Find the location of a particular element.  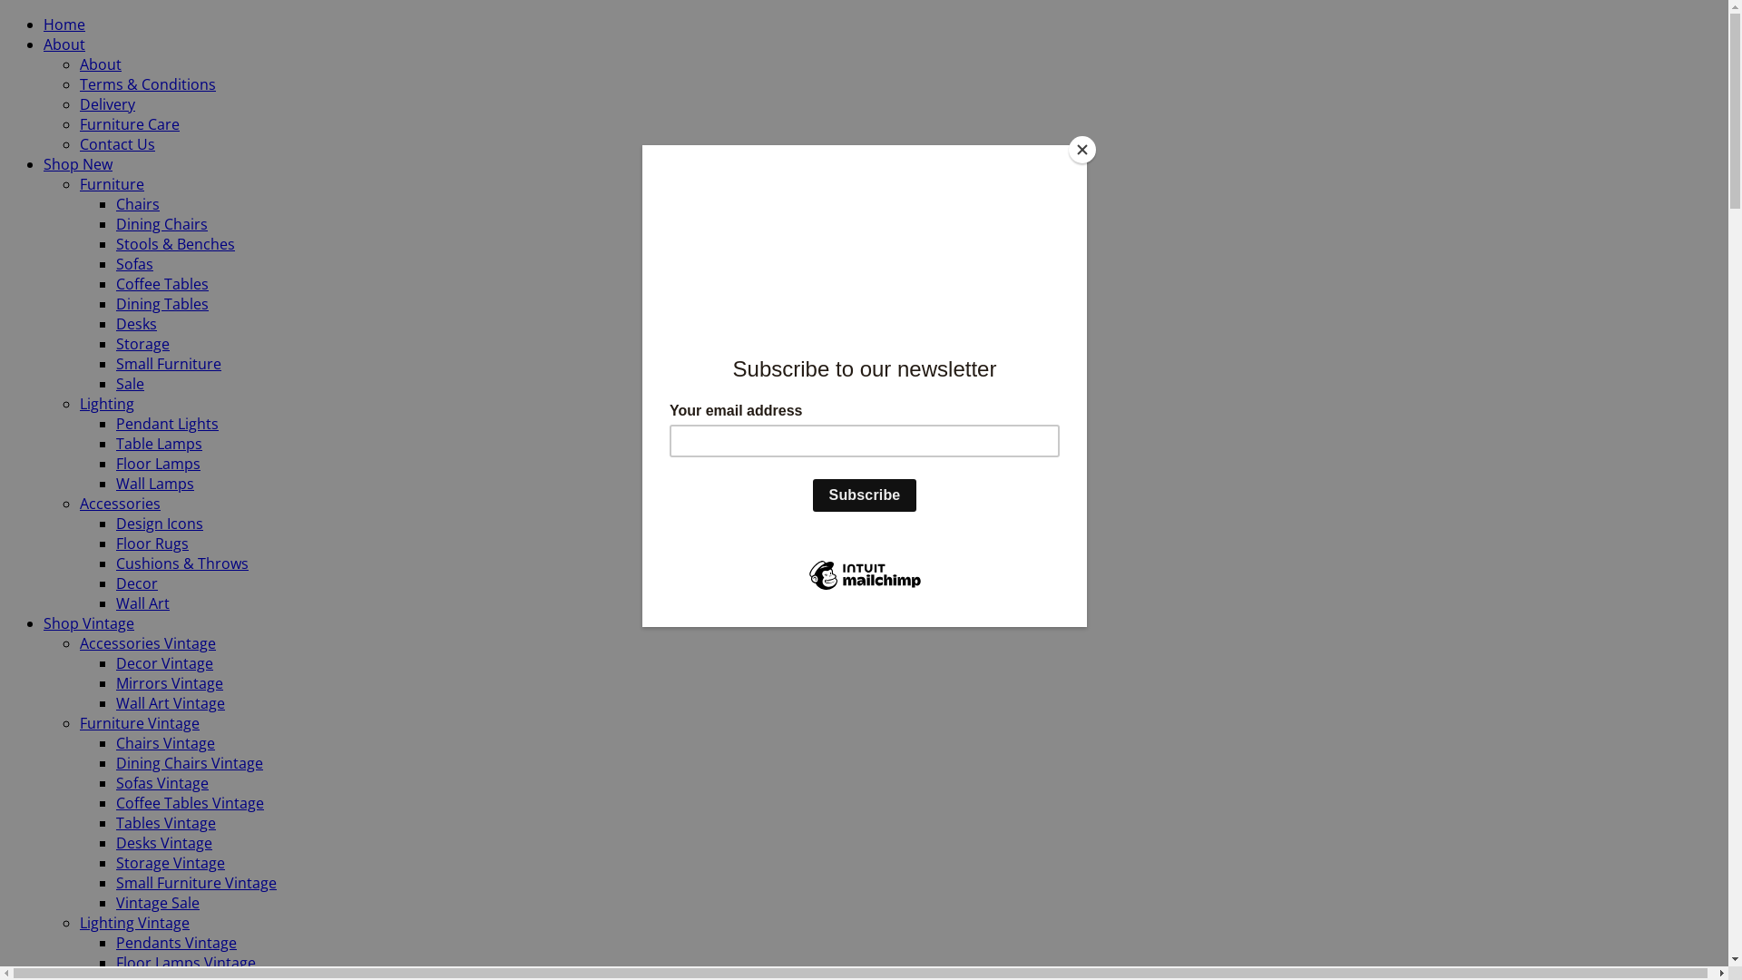

'Dining Chairs Vintage' is located at coordinates (190, 762).